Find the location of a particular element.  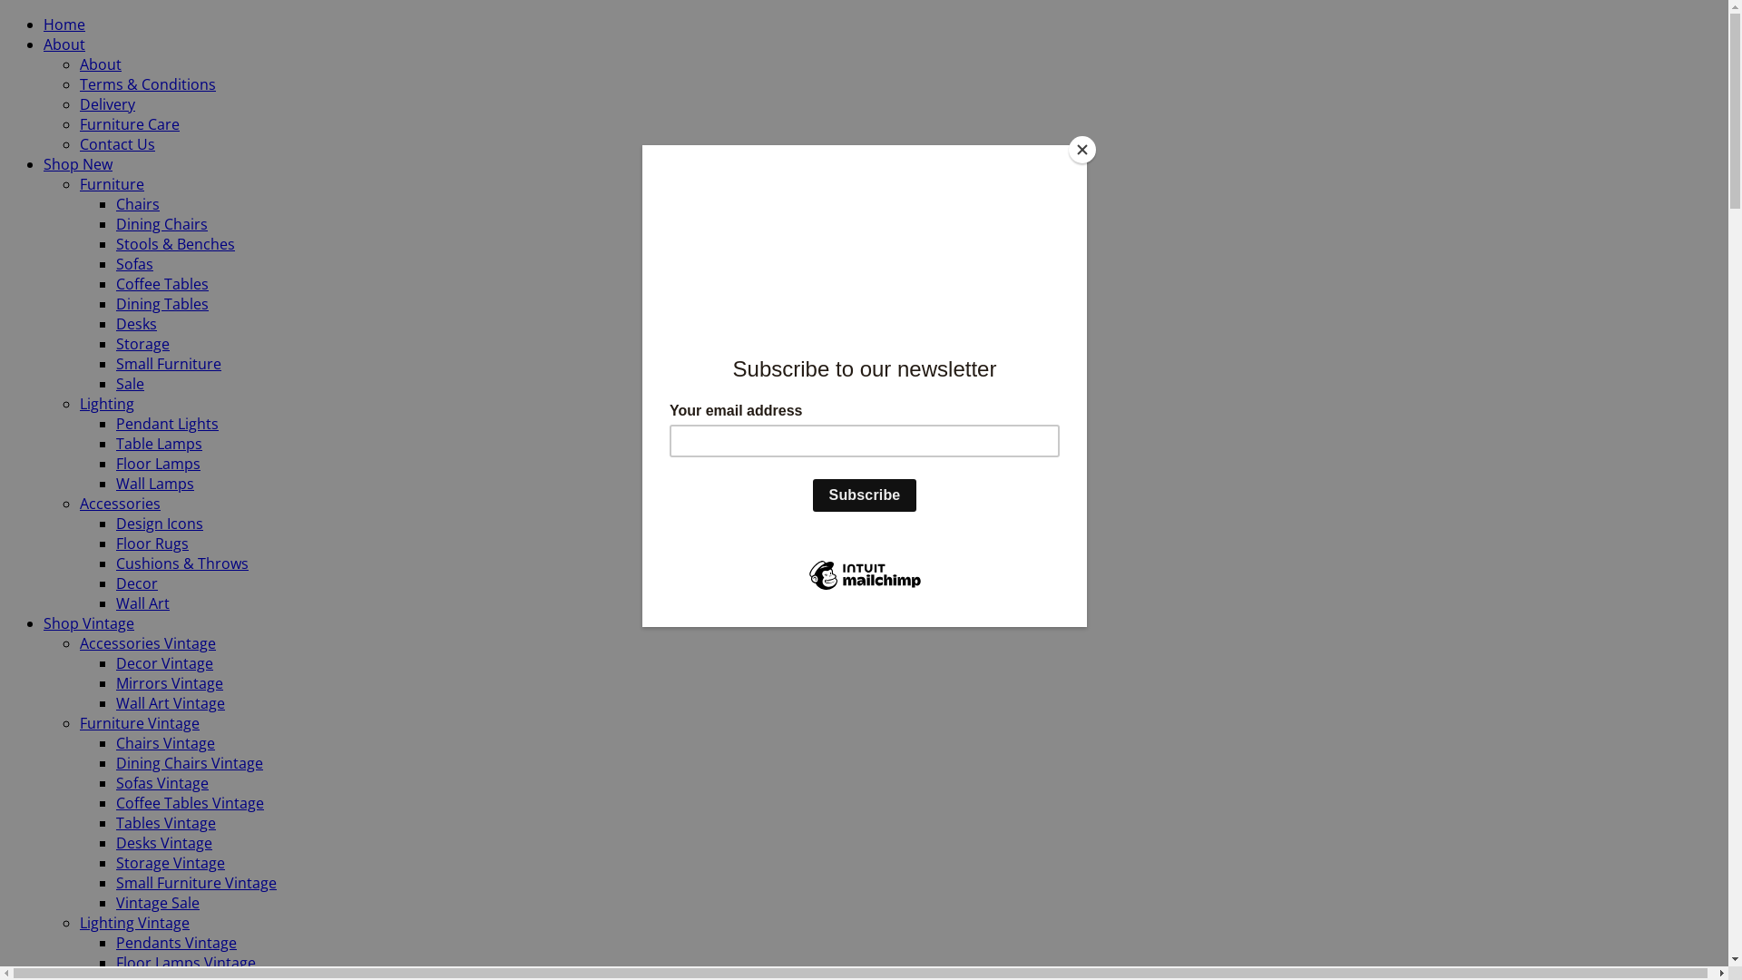

'Dining Chairs Vintage' is located at coordinates (190, 762).